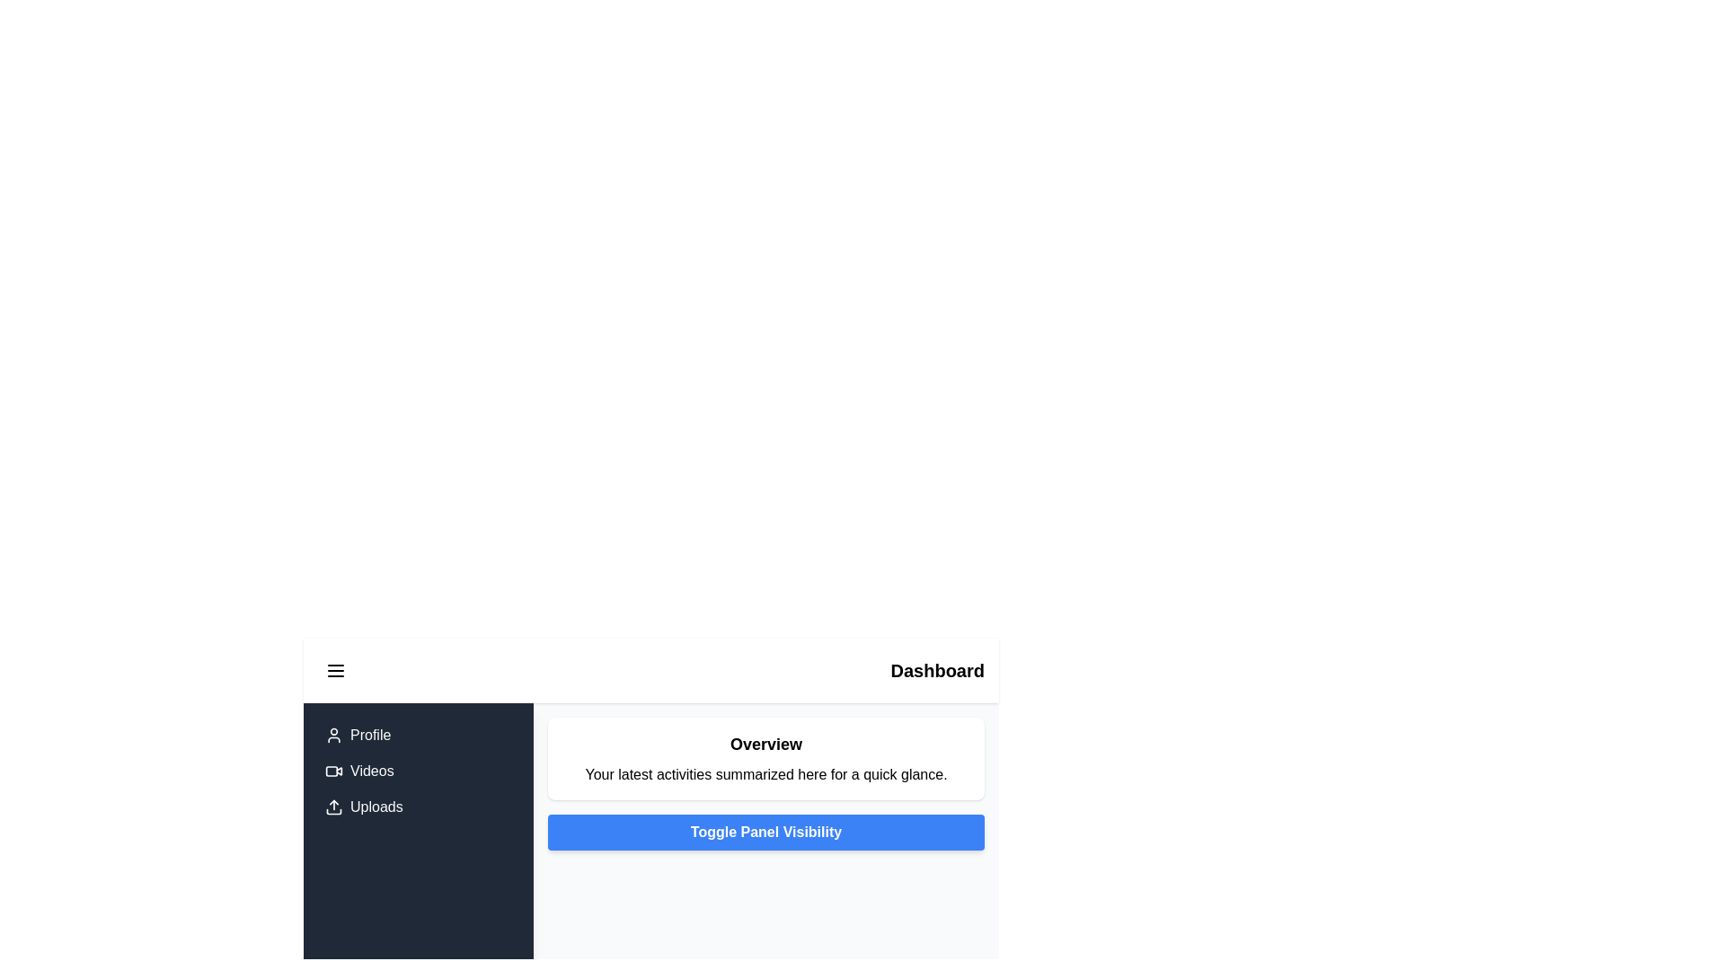  I want to click on the Videos menu icon located in the left-side vertical navigation panel, positioned between the Profile icon and the Uploads icon, so click(334, 771).